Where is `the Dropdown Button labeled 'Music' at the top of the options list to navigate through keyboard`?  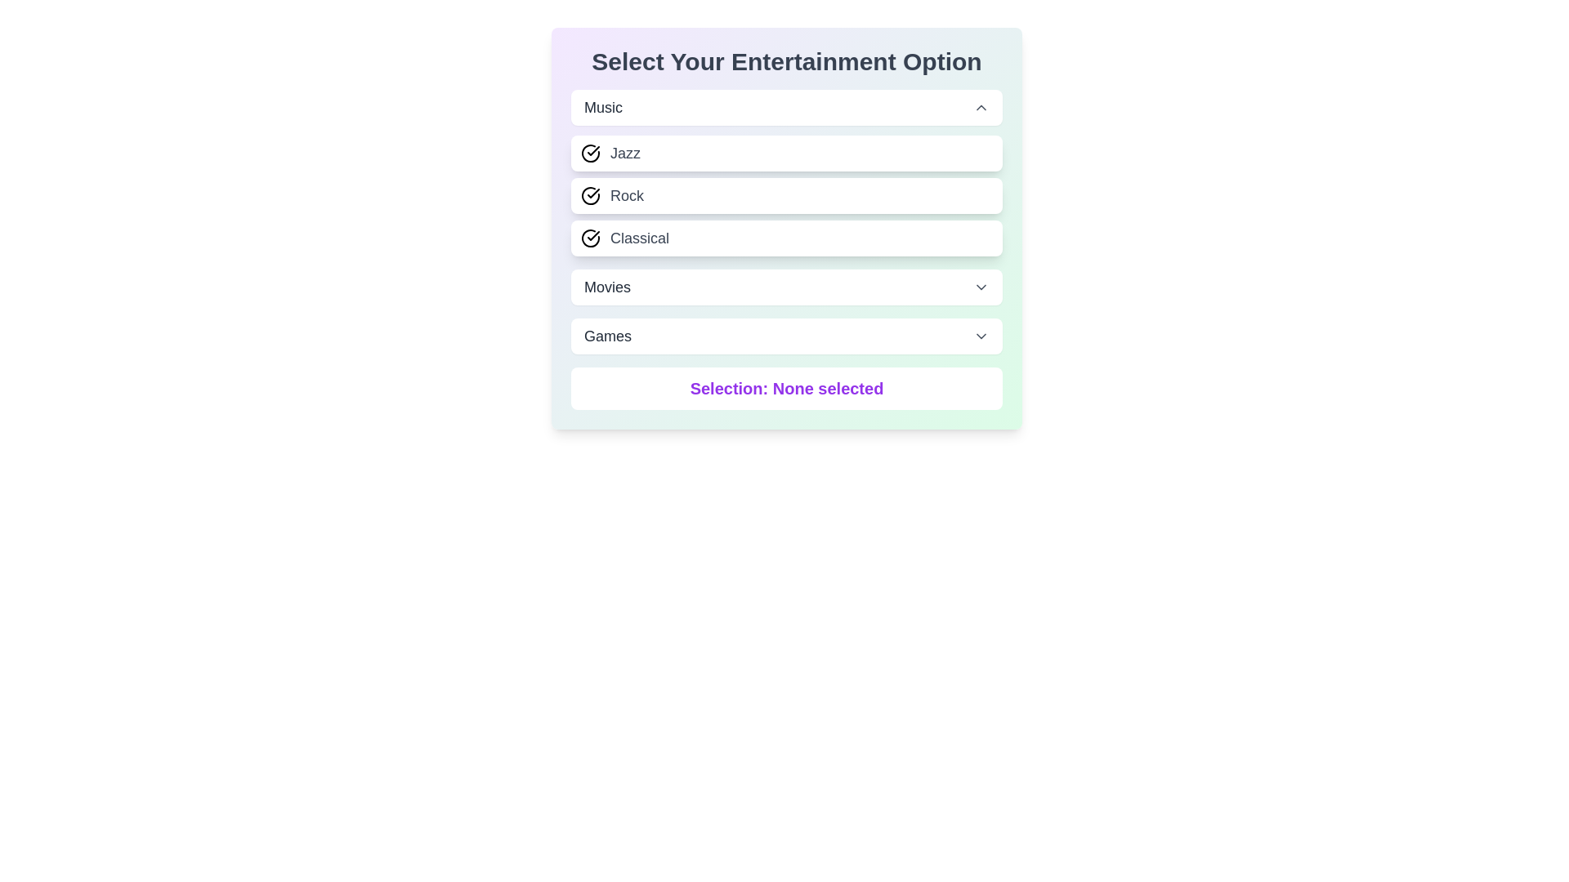
the Dropdown Button labeled 'Music' at the top of the options list to navigate through keyboard is located at coordinates (787, 107).